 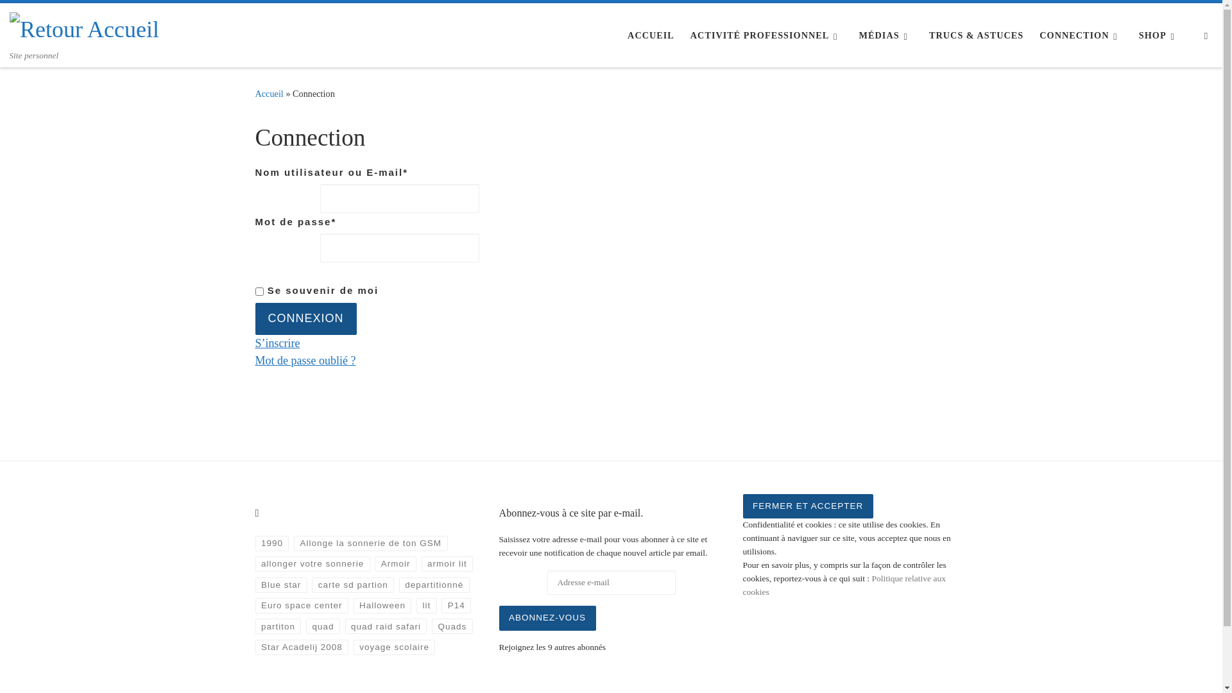 I want to click on 'Halloween', so click(x=382, y=606).